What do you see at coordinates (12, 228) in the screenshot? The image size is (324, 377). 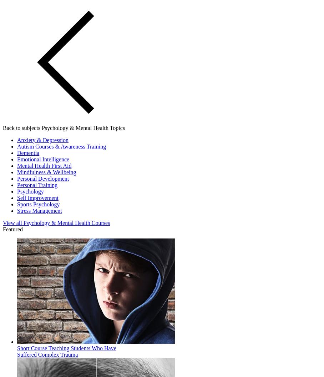 I see `'Featured'` at bounding box center [12, 228].